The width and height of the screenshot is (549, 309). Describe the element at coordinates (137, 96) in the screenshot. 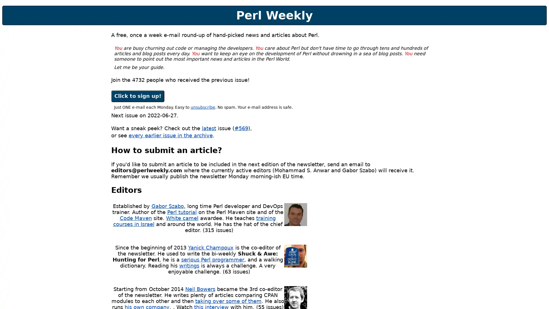

I see `Click to sign up!` at that location.